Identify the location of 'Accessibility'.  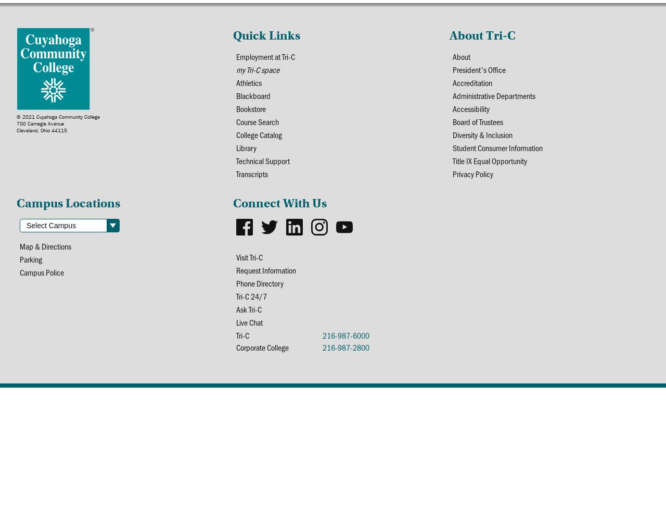
(470, 108).